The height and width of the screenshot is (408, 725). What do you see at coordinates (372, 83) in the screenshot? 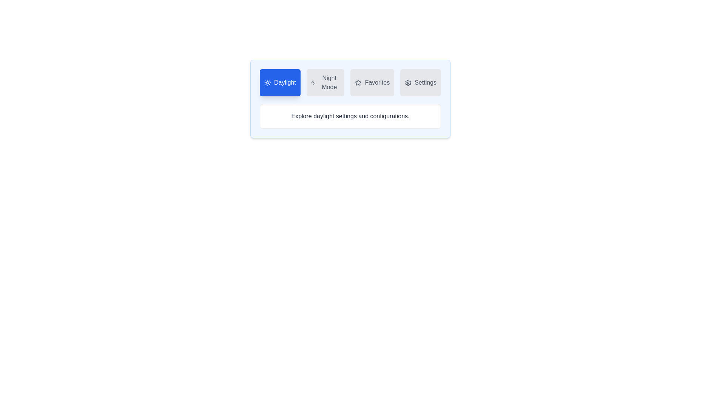
I see `the tab labeled Favorites` at bounding box center [372, 83].